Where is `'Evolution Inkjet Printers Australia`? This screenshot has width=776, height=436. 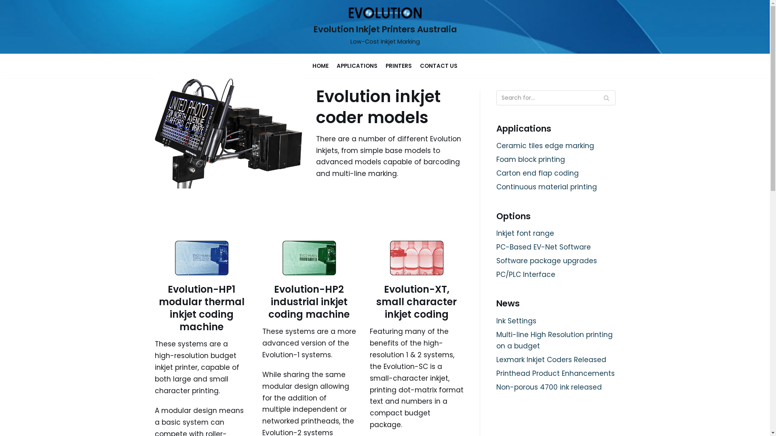 'Evolution Inkjet Printers Australia is located at coordinates (385, 26).